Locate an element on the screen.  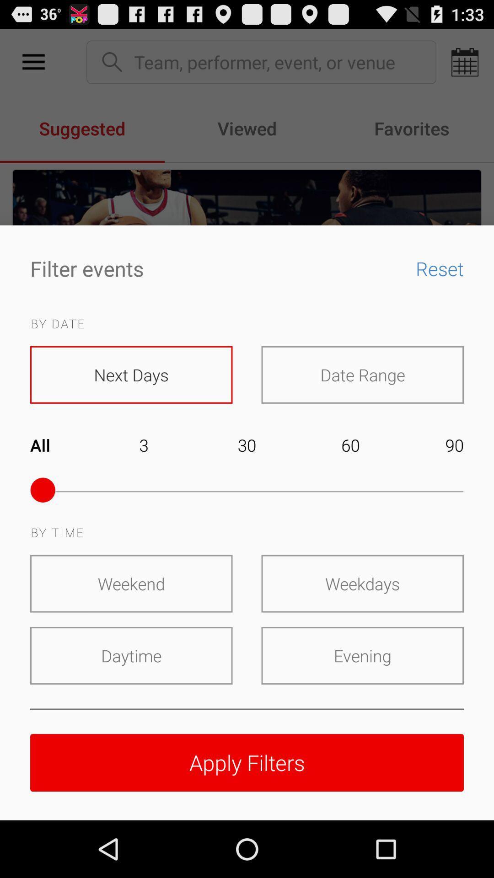
icon below the reset icon is located at coordinates (362, 375).